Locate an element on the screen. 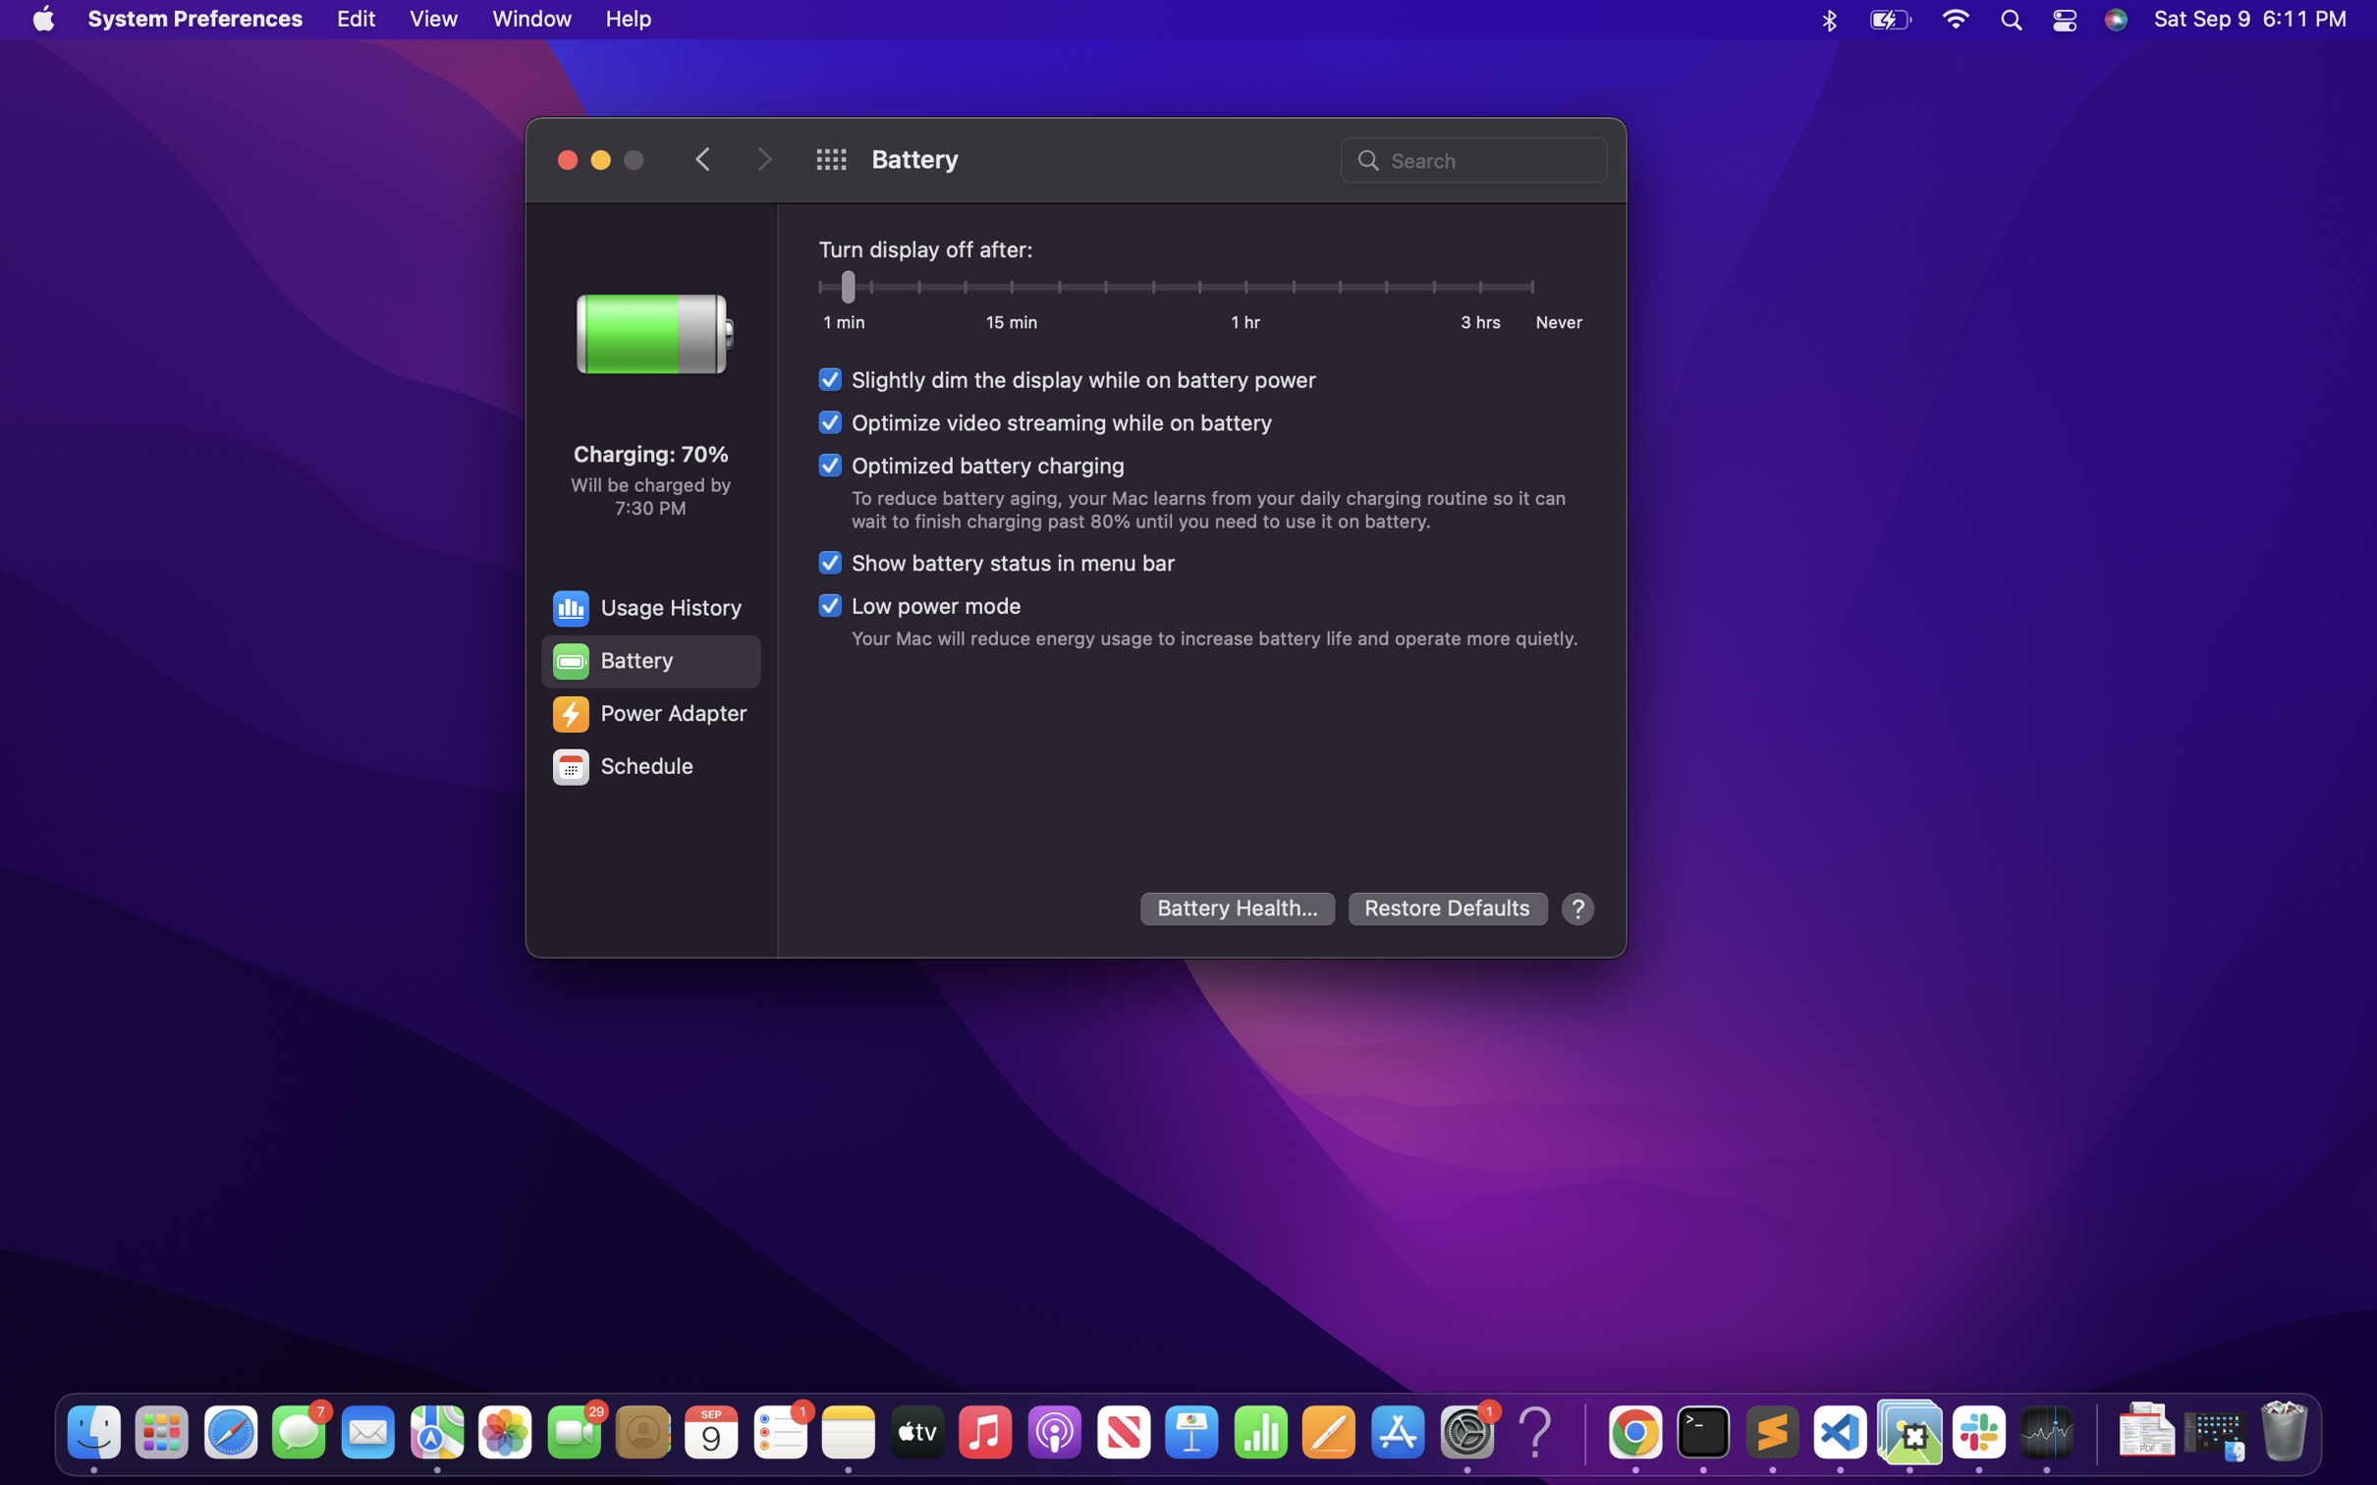 Image resolution: width=2377 pixels, height=1485 pixels. the "optimized battery charging" functionality is located at coordinates (968, 465).